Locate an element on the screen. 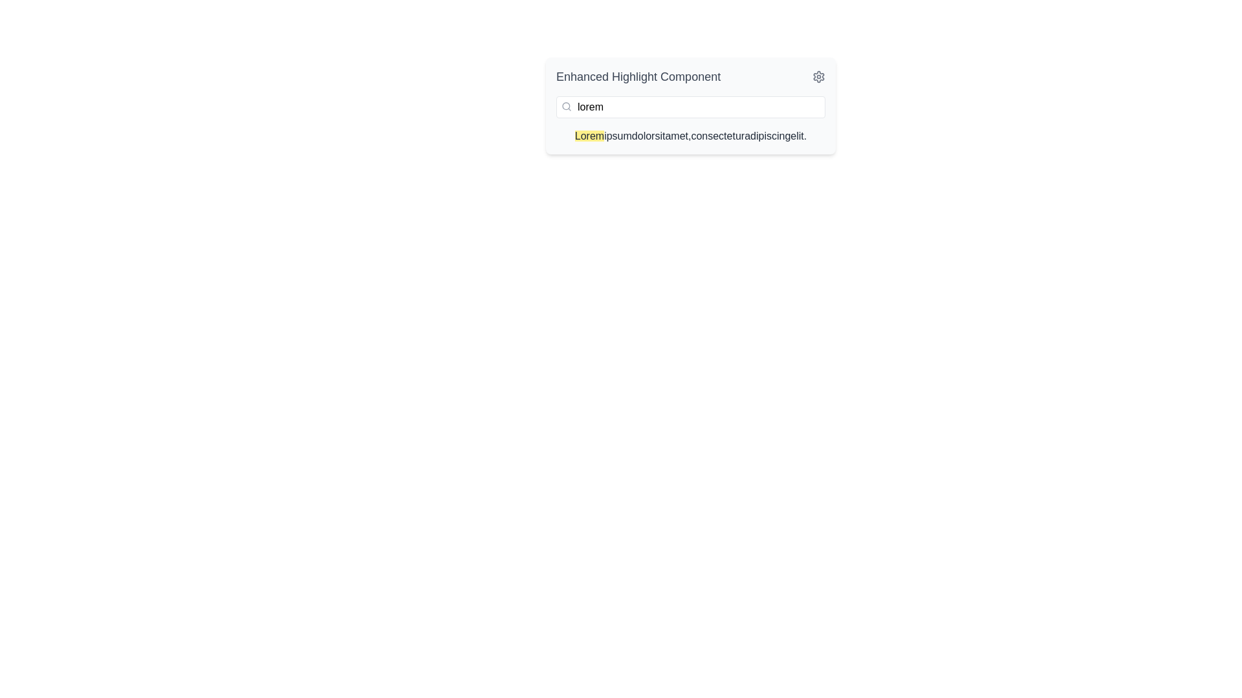 This screenshot has height=698, width=1242. the text element displaying 'elit.' which is the last part of the sentence 'Lorem ipsum dolor sit amet, consectetur adipiscing elit.' is located at coordinates (798, 136).